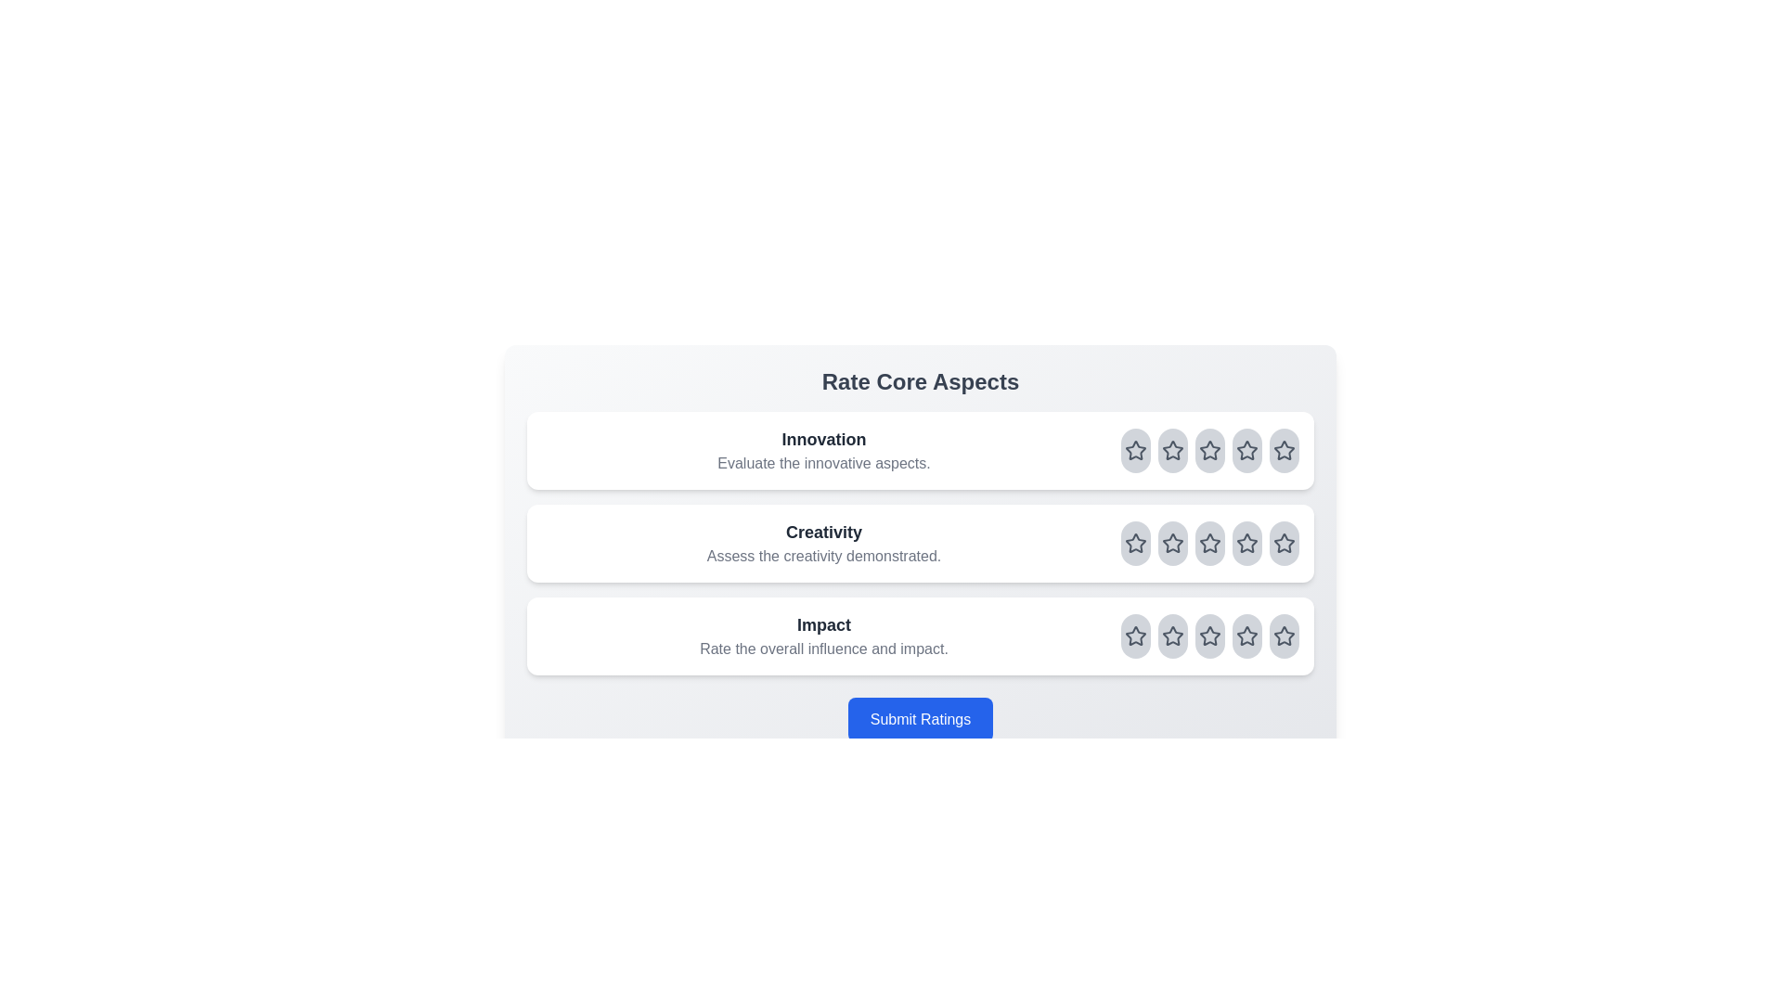 This screenshot has width=1782, height=1002. I want to click on the rating for the aspect Impact to 3 stars by clicking on the corresponding star, so click(1210, 636).